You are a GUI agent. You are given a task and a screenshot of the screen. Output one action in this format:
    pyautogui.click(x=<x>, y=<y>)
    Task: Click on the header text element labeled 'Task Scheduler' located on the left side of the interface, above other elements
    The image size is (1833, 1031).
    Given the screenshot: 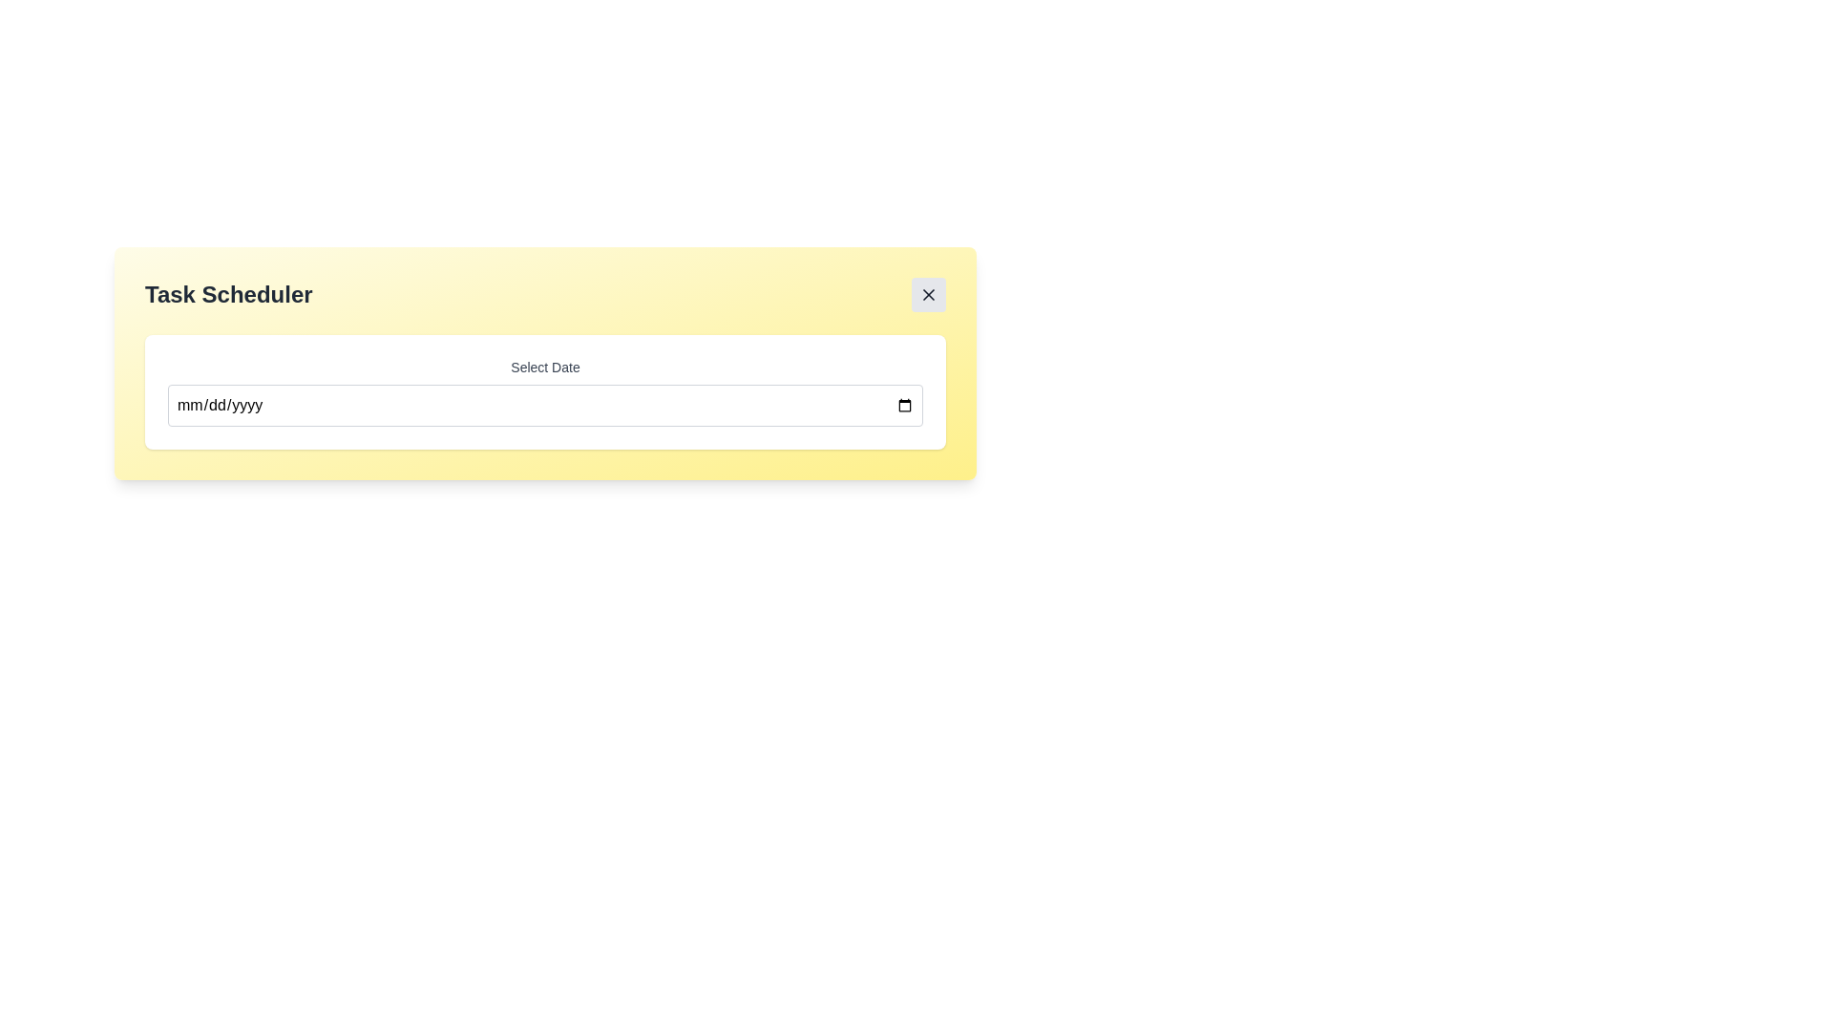 What is the action you would take?
    pyautogui.click(x=228, y=294)
    